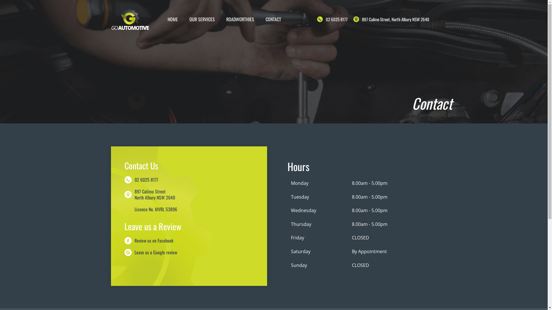 Image resolution: width=552 pixels, height=310 pixels. I want to click on '897 Calimo Street, North Albury NSW 2640', so click(393, 19).